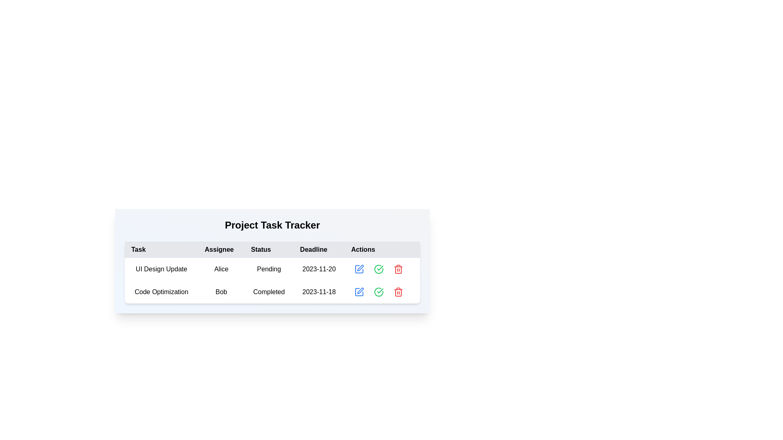 The image size is (783, 440). I want to click on the 'Assignee' column header cell, which is the second column header in the table located between the 'Task' and 'Status' headers, so click(221, 249).